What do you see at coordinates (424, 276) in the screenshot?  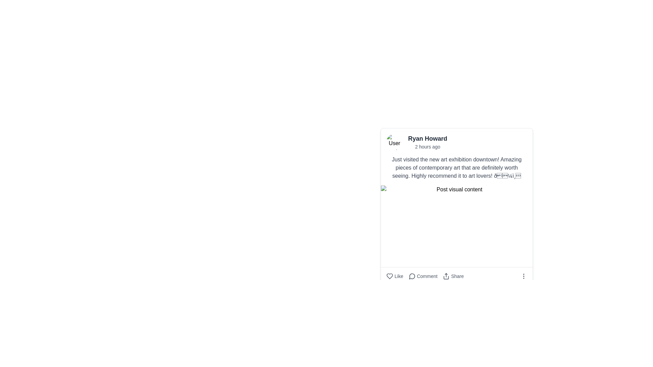 I see `the 'Comment' button, which is the second button in the toolbar containing 'Like', 'Comment', and 'Share', to trigger its visual styling change from gray to blue` at bounding box center [424, 276].